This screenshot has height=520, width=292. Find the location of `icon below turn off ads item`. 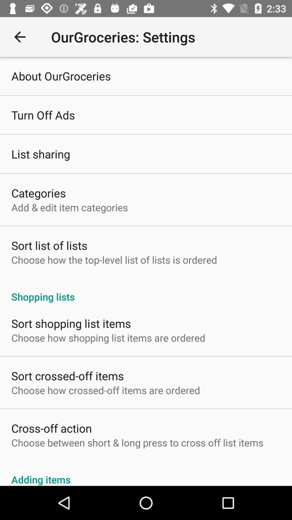

icon below turn off ads item is located at coordinates (40, 154).